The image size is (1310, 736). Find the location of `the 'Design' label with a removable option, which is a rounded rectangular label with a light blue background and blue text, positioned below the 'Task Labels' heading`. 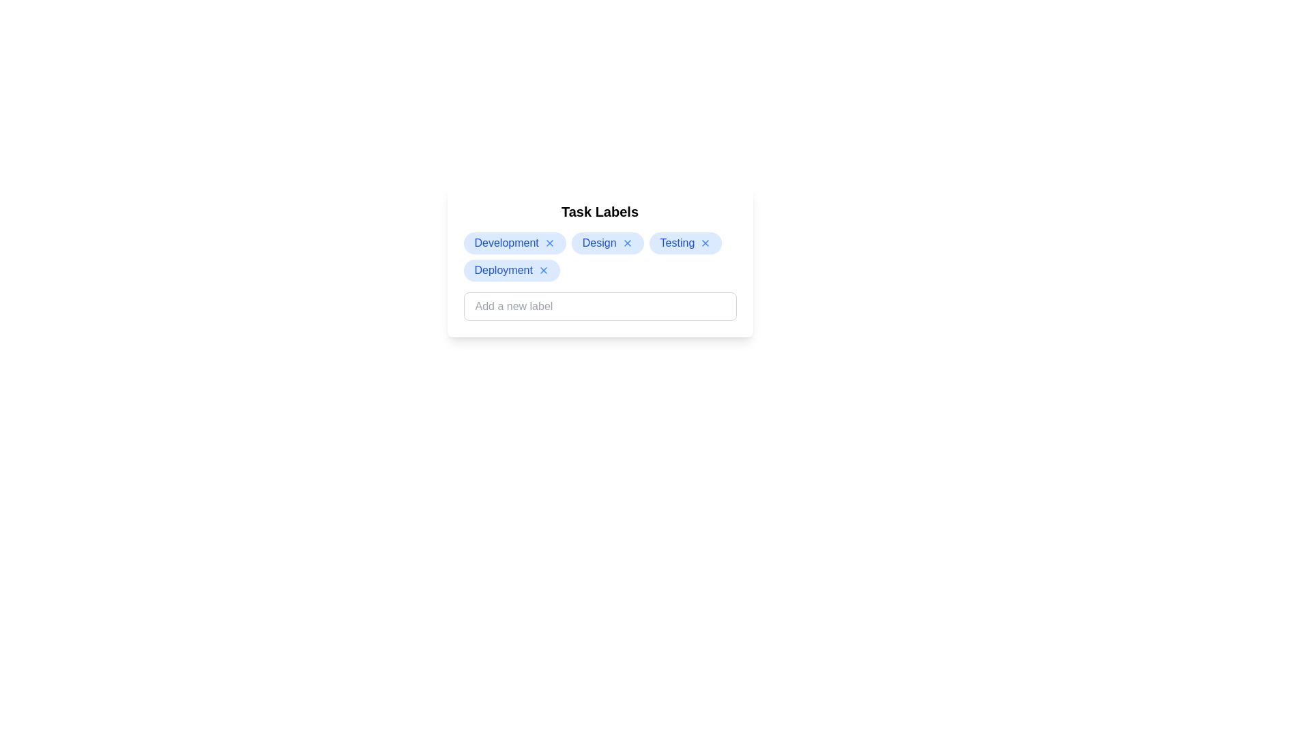

the 'Design' label with a removable option, which is a rounded rectangular label with a light blue background and blue text, positioned below the 'Task Labels' heading is located at coordinates (607, 243).